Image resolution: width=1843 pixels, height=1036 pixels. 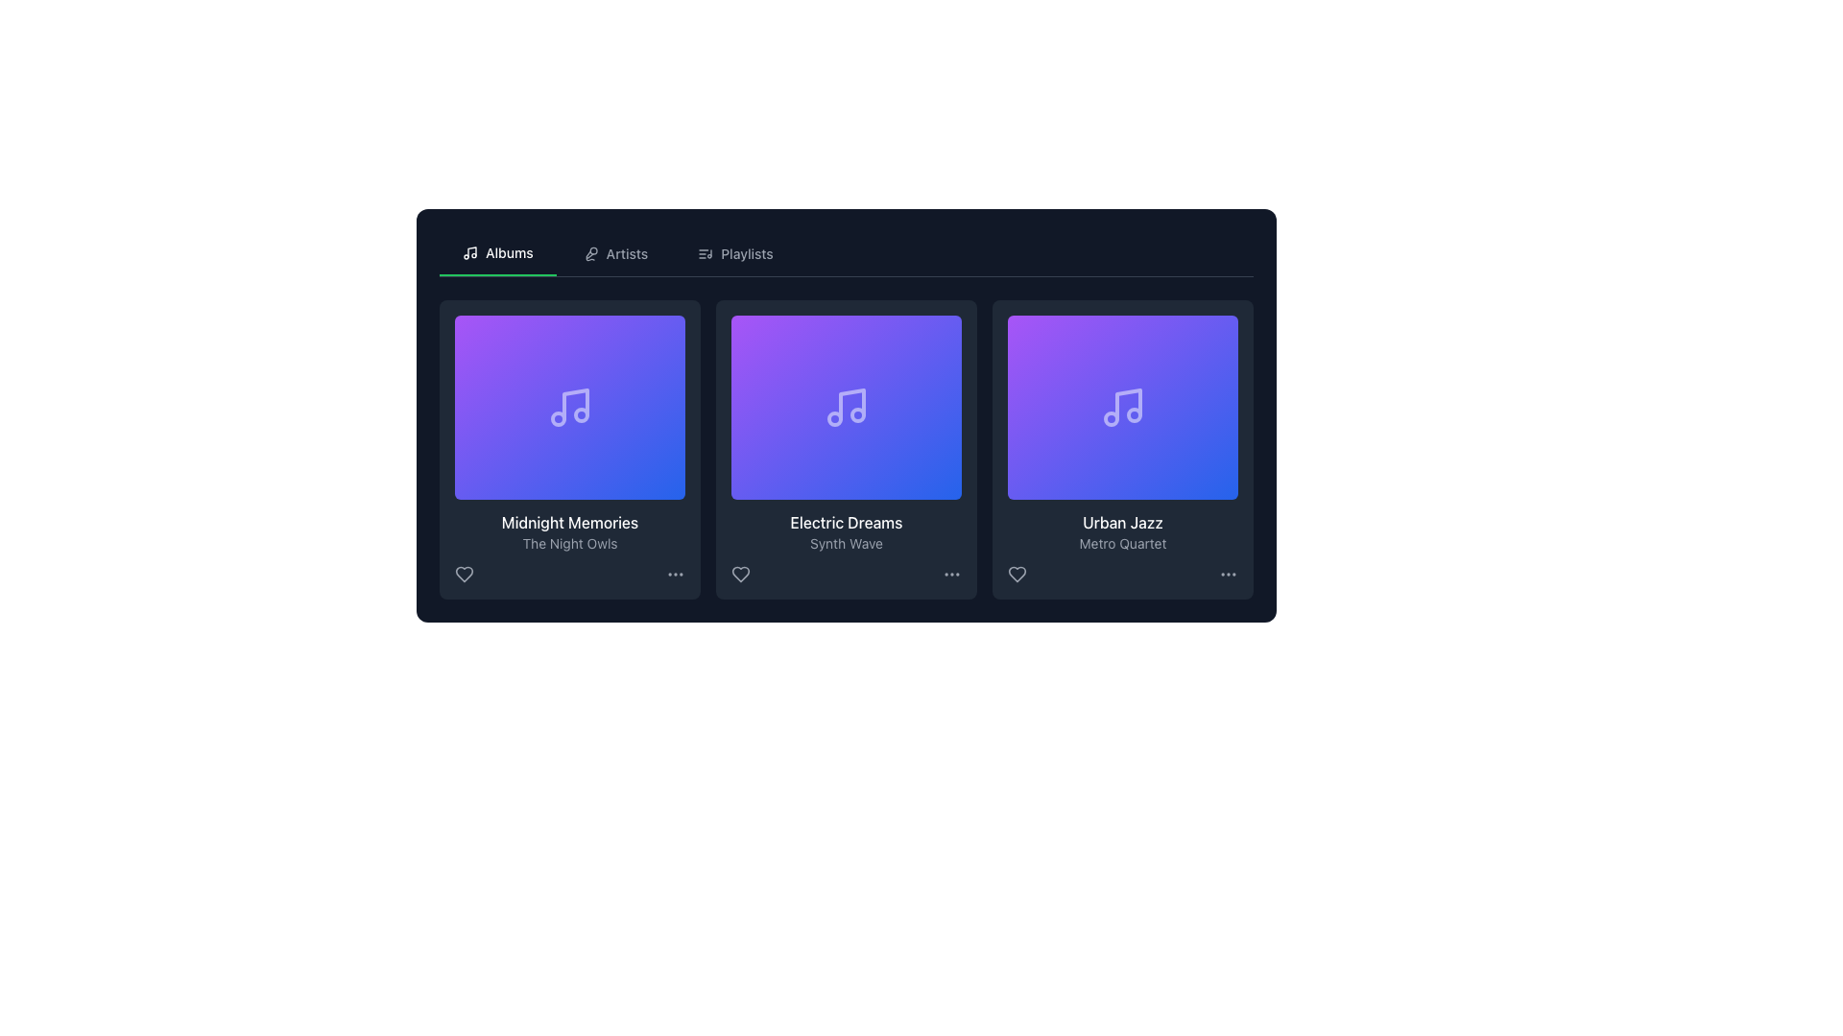 What do you see at coordinates (846, 406) in the screenshot?
I see `the SVG musical note icon with a white color overlay, located in the center of the 'Electric Dreams' card with a purple-to-blue gradient background` at bounding box center [846, 406].